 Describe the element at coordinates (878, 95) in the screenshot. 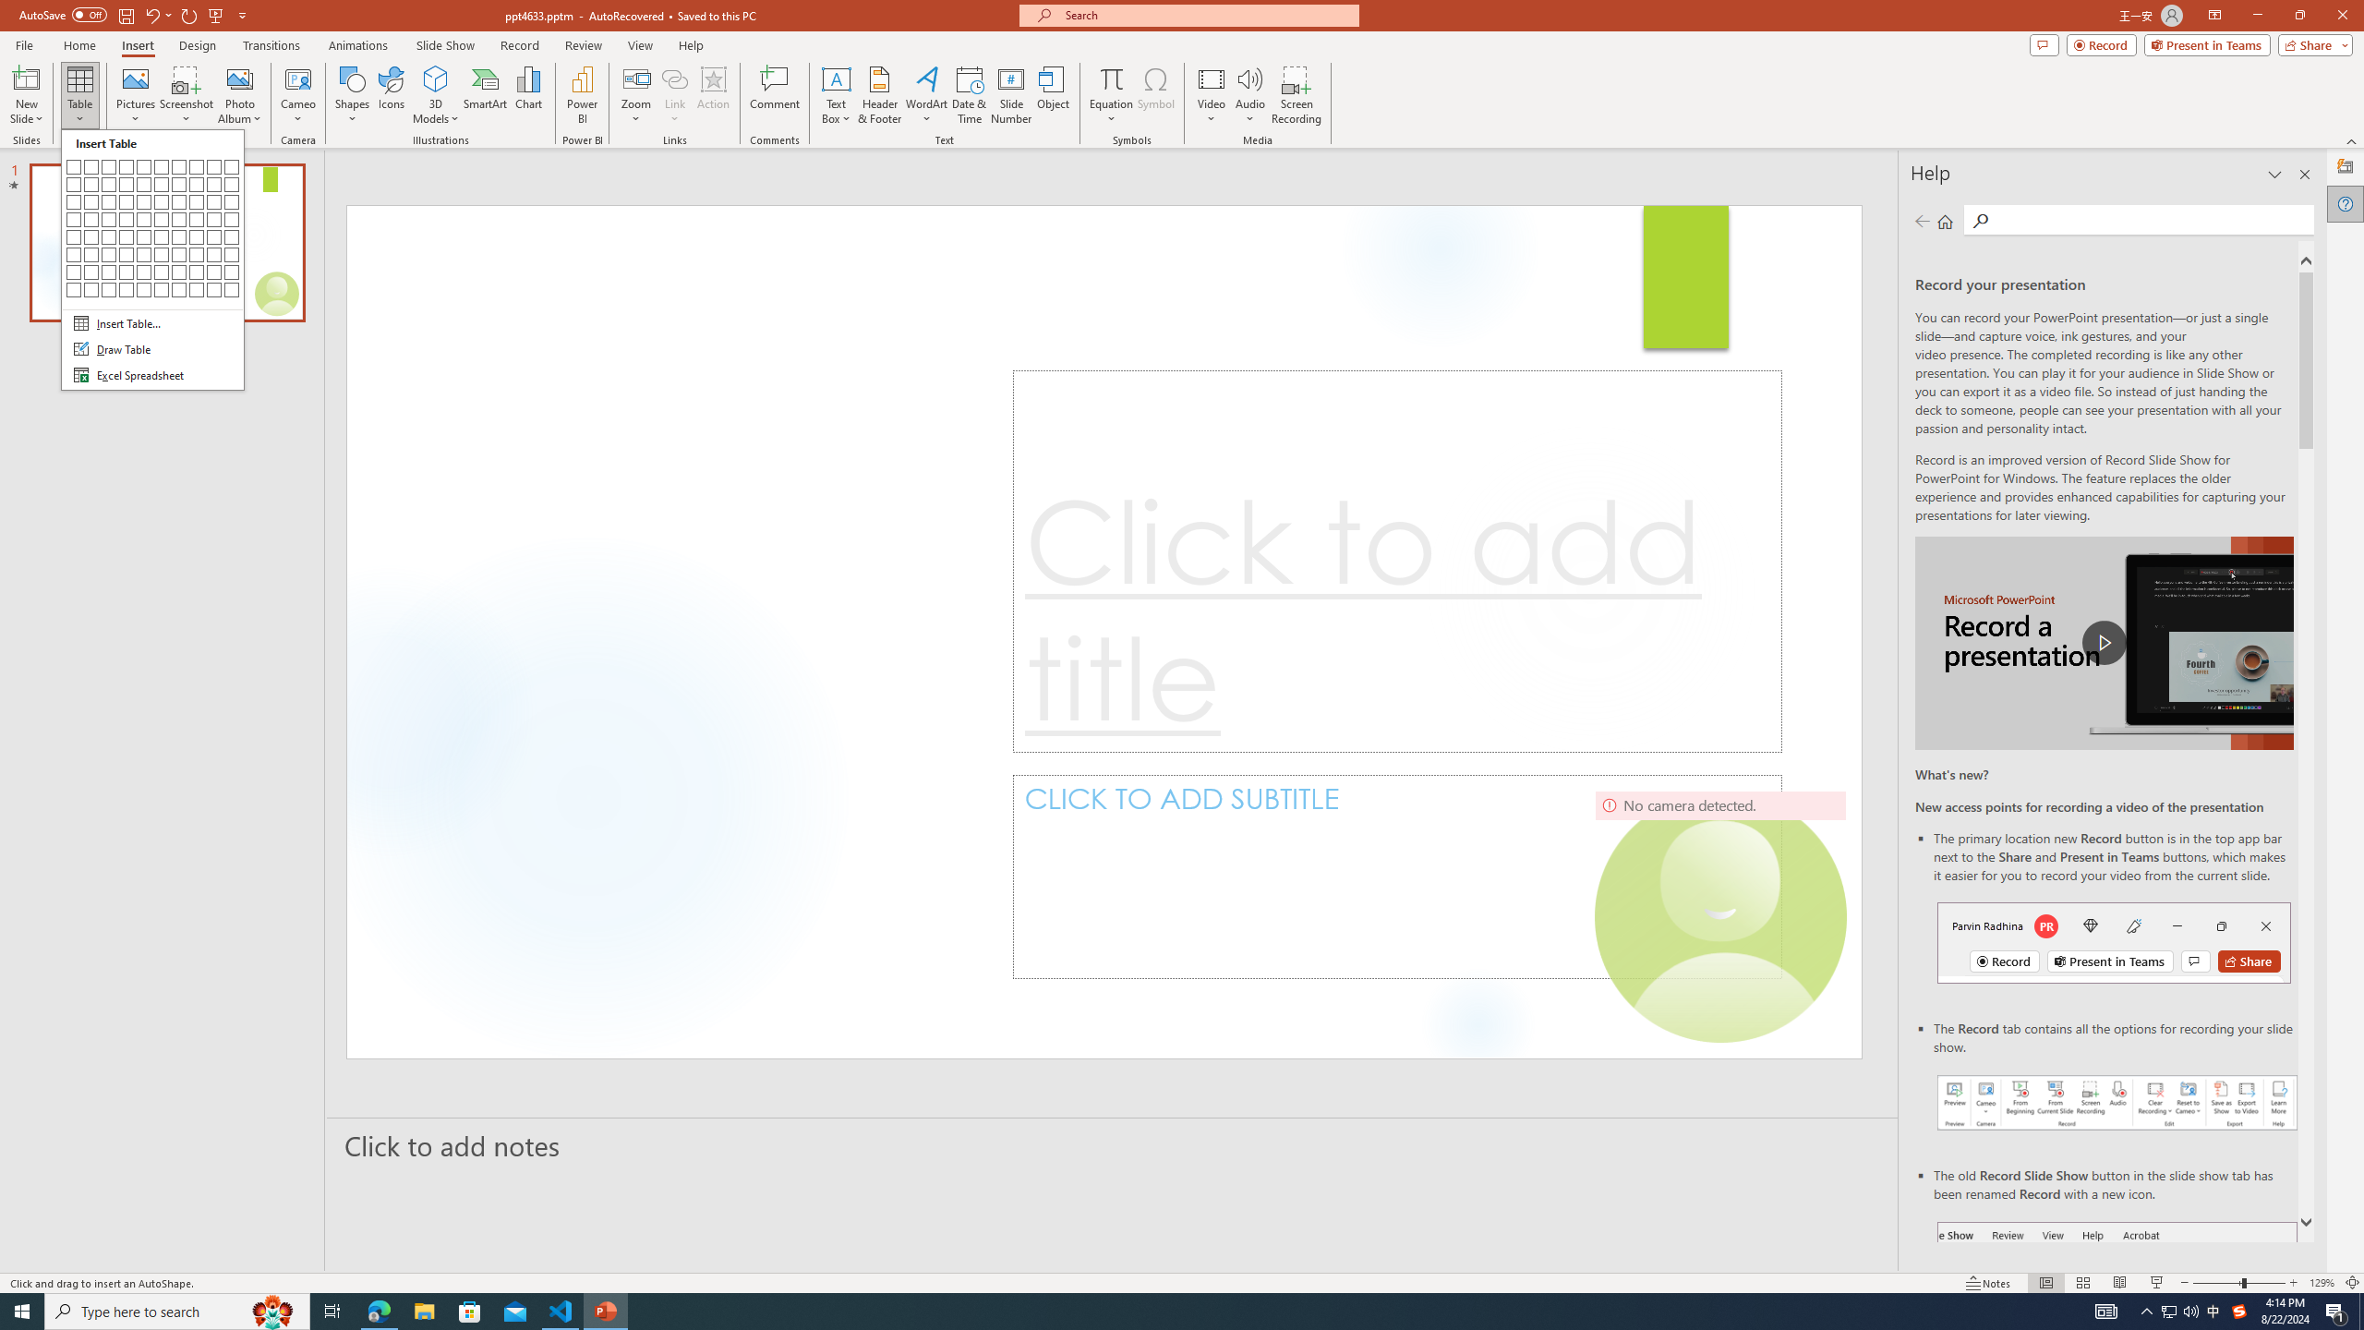

I see `'Header & Footer...'` at that location.